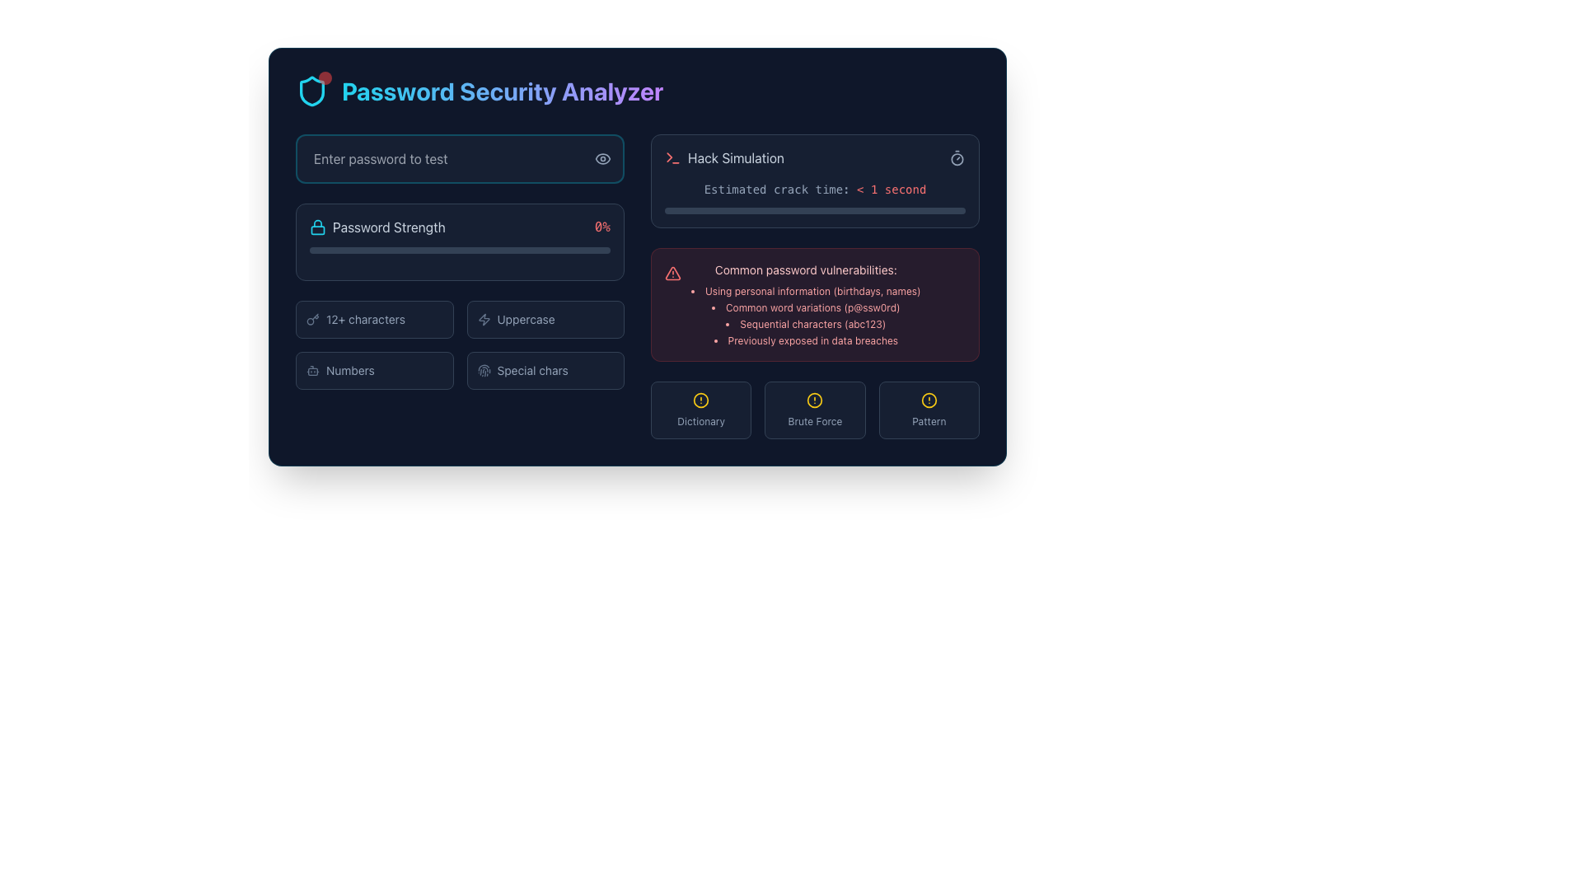 The width and height of the screenshot is (1582, 890). What do you see at coordinates (483, 320) in the screenshot?
I see `the decorative icon representing 'Uppercase' text, which is the first item in the horizontally aligned group beneath the 'Password Strength' heading` at bounding box center [483, 320].